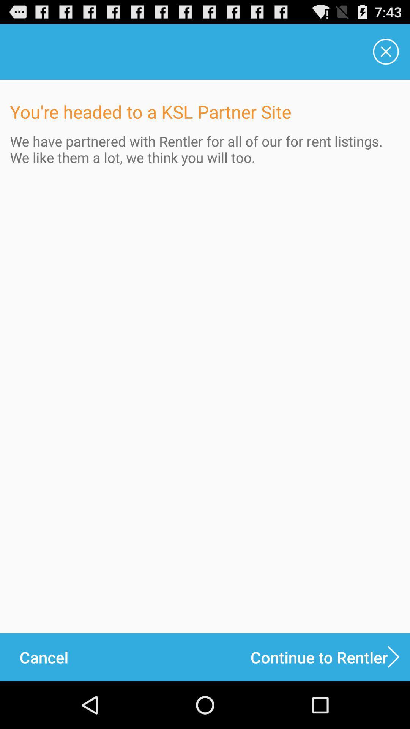 The height and width of the screenshot is (729, 410). Describe the element at coordinates (44, 657) in the screenshot. I see `item to the left of continue to rentler item` at that location.